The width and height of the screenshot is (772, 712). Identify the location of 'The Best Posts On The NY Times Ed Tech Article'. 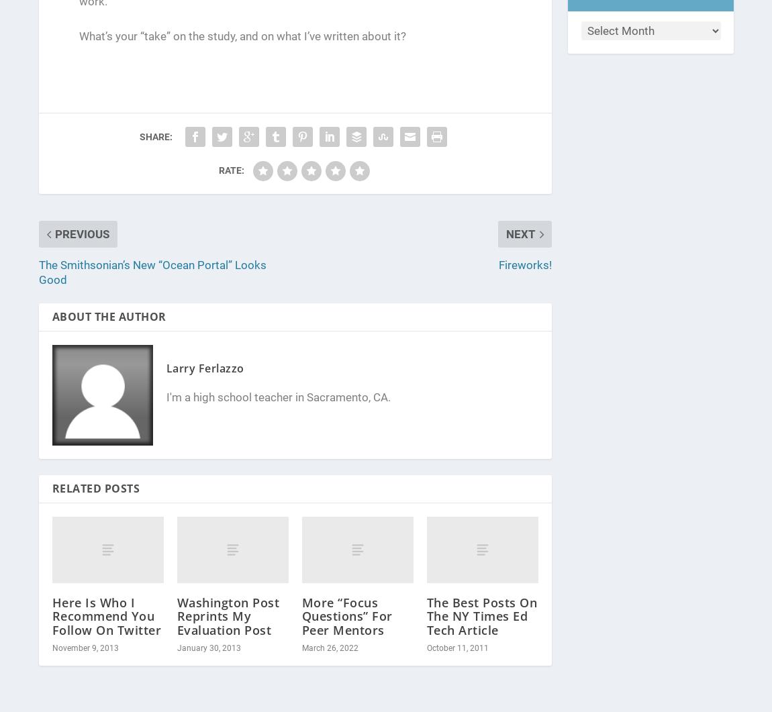
(481, 615).